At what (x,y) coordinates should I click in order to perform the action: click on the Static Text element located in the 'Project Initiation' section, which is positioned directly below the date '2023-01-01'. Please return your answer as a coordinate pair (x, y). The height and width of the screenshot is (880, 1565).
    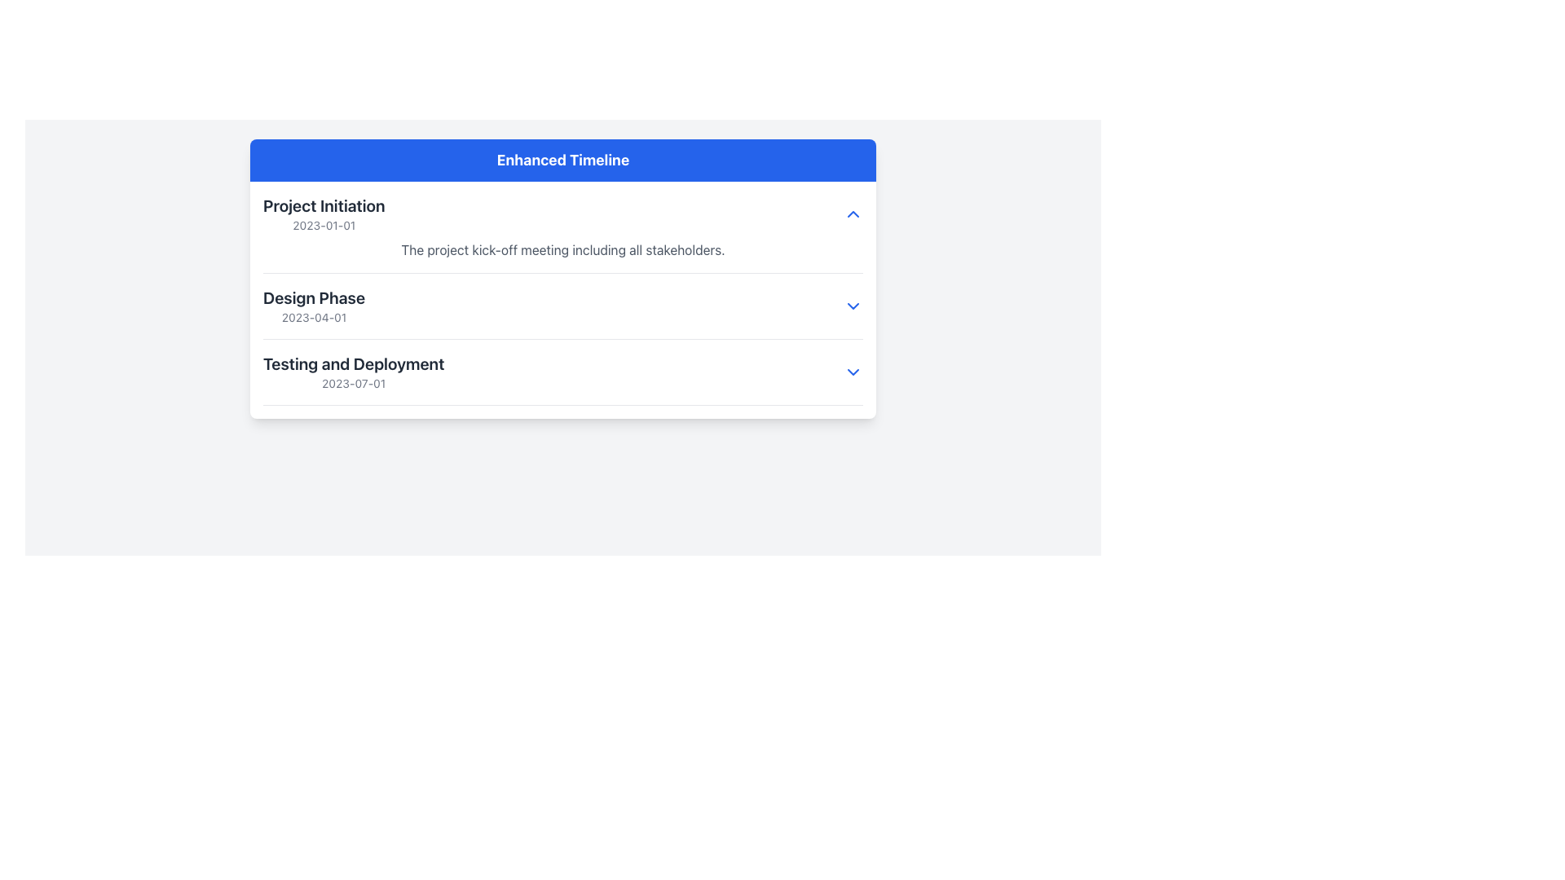
    Looking at the image, I should click on (563, 250).